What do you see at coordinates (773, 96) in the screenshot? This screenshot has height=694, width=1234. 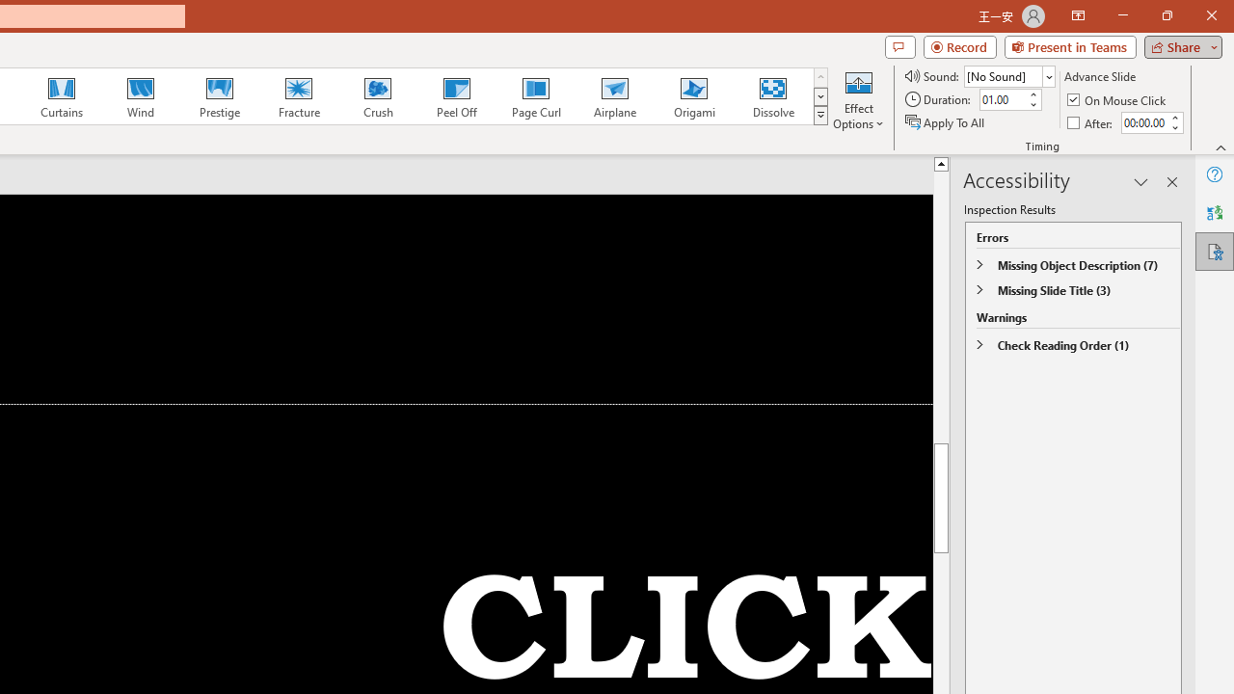 I see `'Dissolve'` at bounding box center [773, 96].